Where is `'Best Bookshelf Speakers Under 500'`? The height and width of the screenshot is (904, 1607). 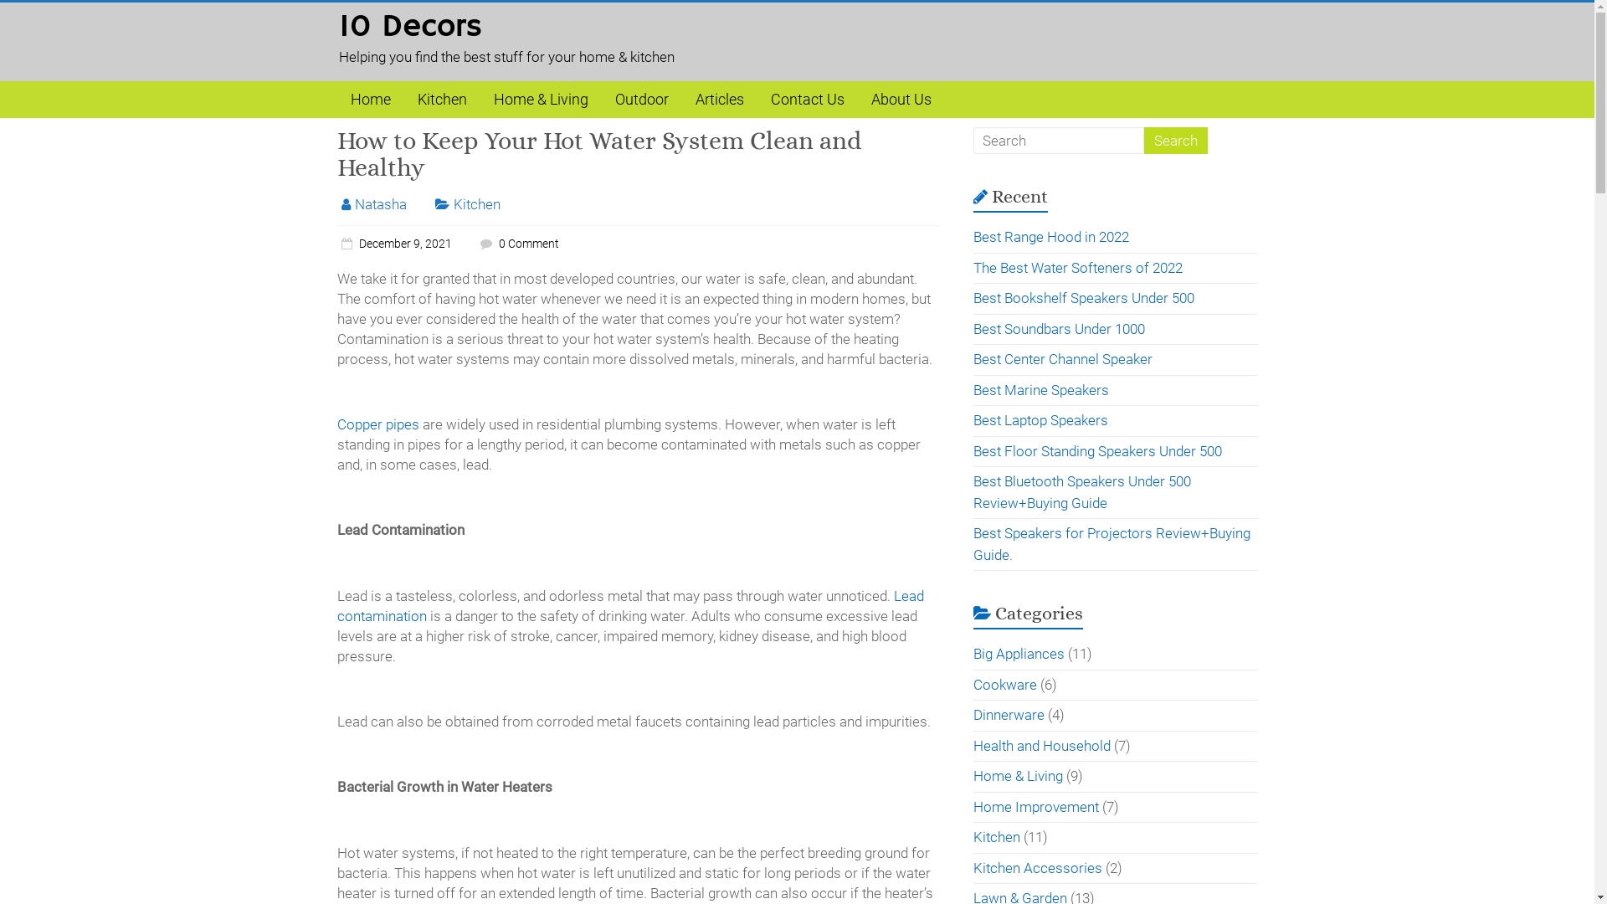 'Best Bookshelf Speakers Under 500' is located at coordinates (1084, 296).